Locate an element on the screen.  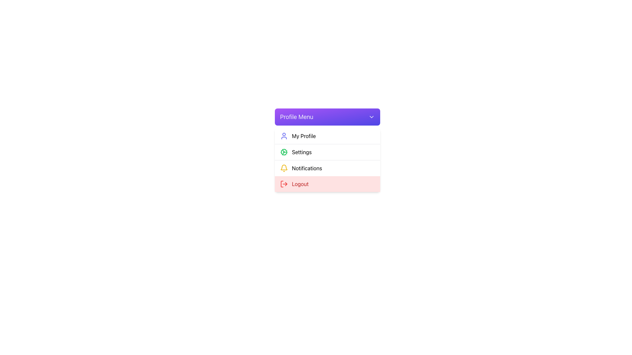
the 'Logout' menu item, which is the fourth item in the 'Profile Menu' dropdown, characterized by a red background and an icon with a right-pointing arrow, to log out is located at coordinates (327, 184).